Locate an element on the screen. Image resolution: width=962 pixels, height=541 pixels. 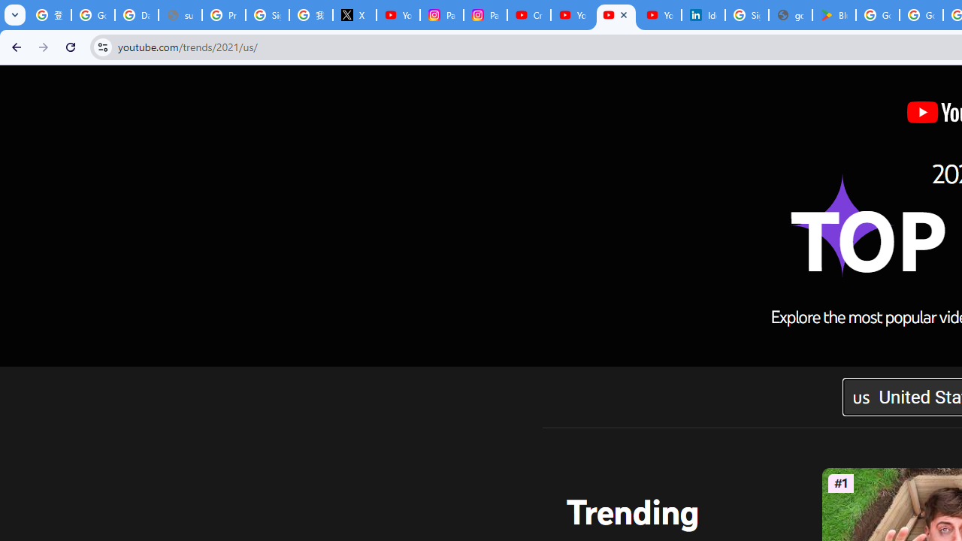
'YouTube Culture & Trends - YouTube Top 10, 2021' is located at coordinates (616, 15).